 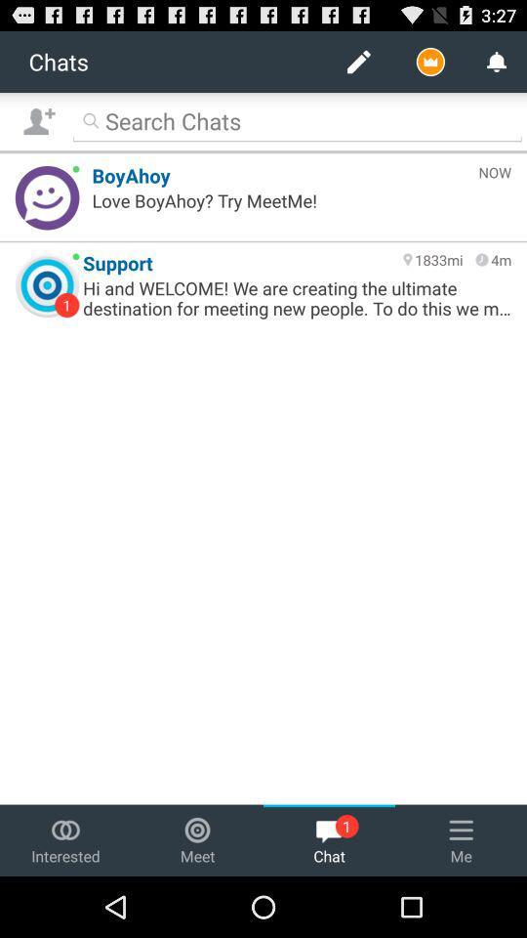 What do you see at coordinates (74, 255) in the screenshot?
I see `the green color dot which is just beside the support` at bounding box center [74, 255].